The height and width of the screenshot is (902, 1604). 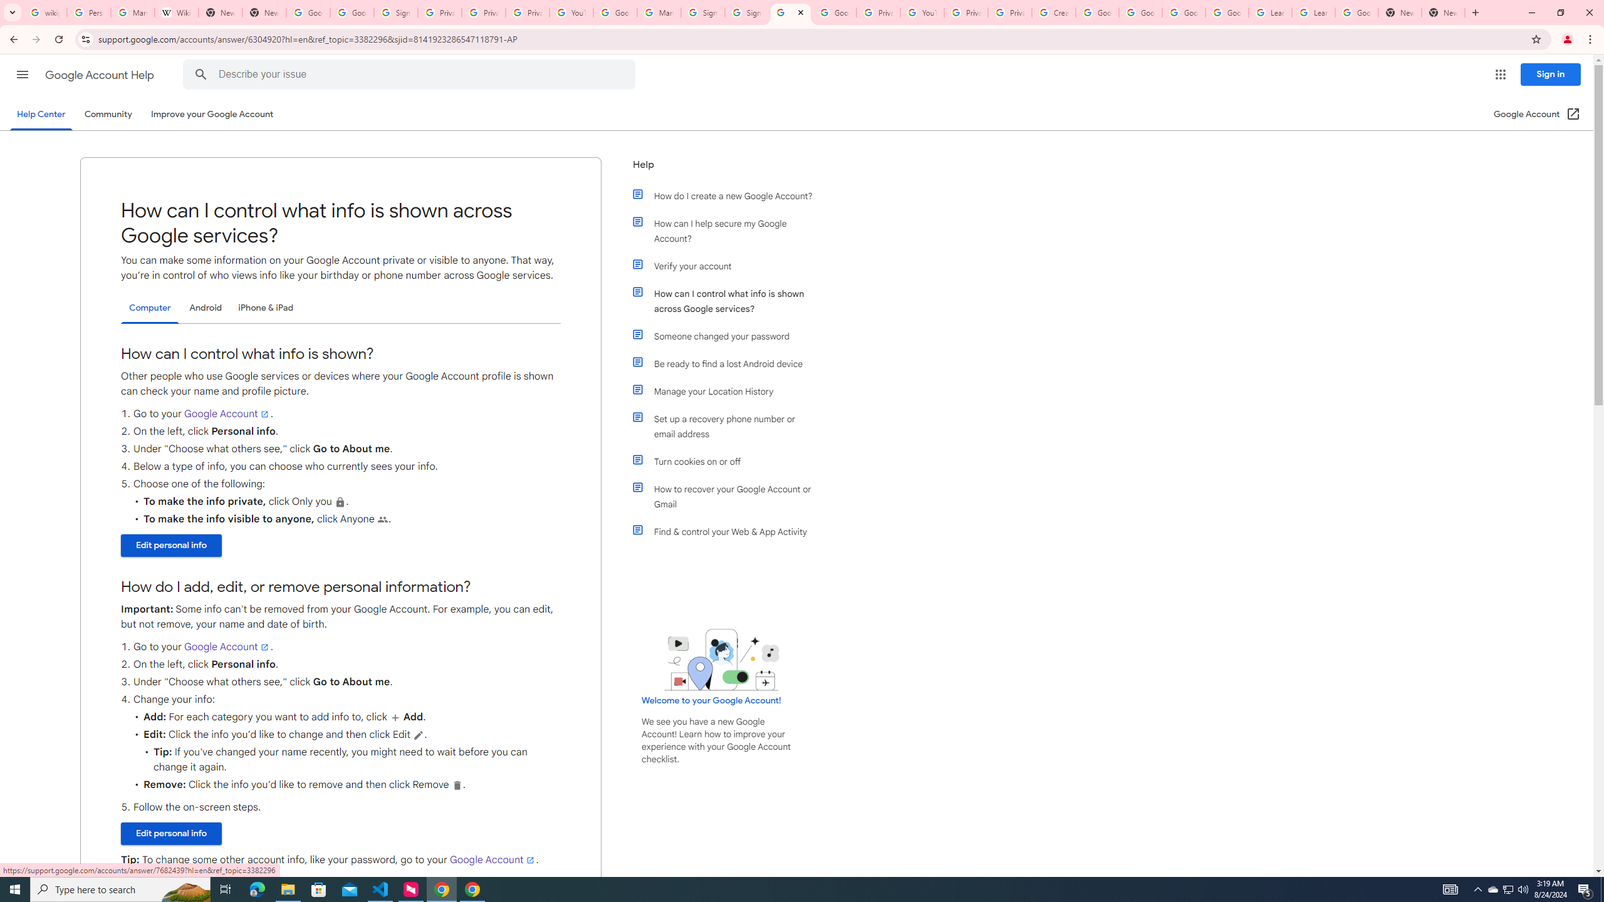 I want to click on 'Someone changed your password', so click(x=728, y=336).